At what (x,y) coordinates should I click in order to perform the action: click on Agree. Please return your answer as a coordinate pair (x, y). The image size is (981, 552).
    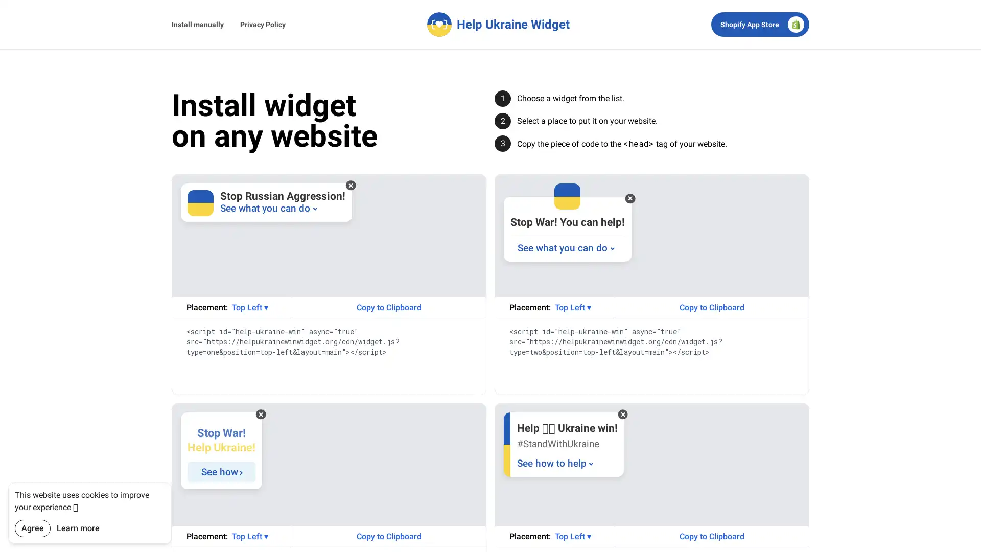
    Looking at the image, I should click on (32, 528).